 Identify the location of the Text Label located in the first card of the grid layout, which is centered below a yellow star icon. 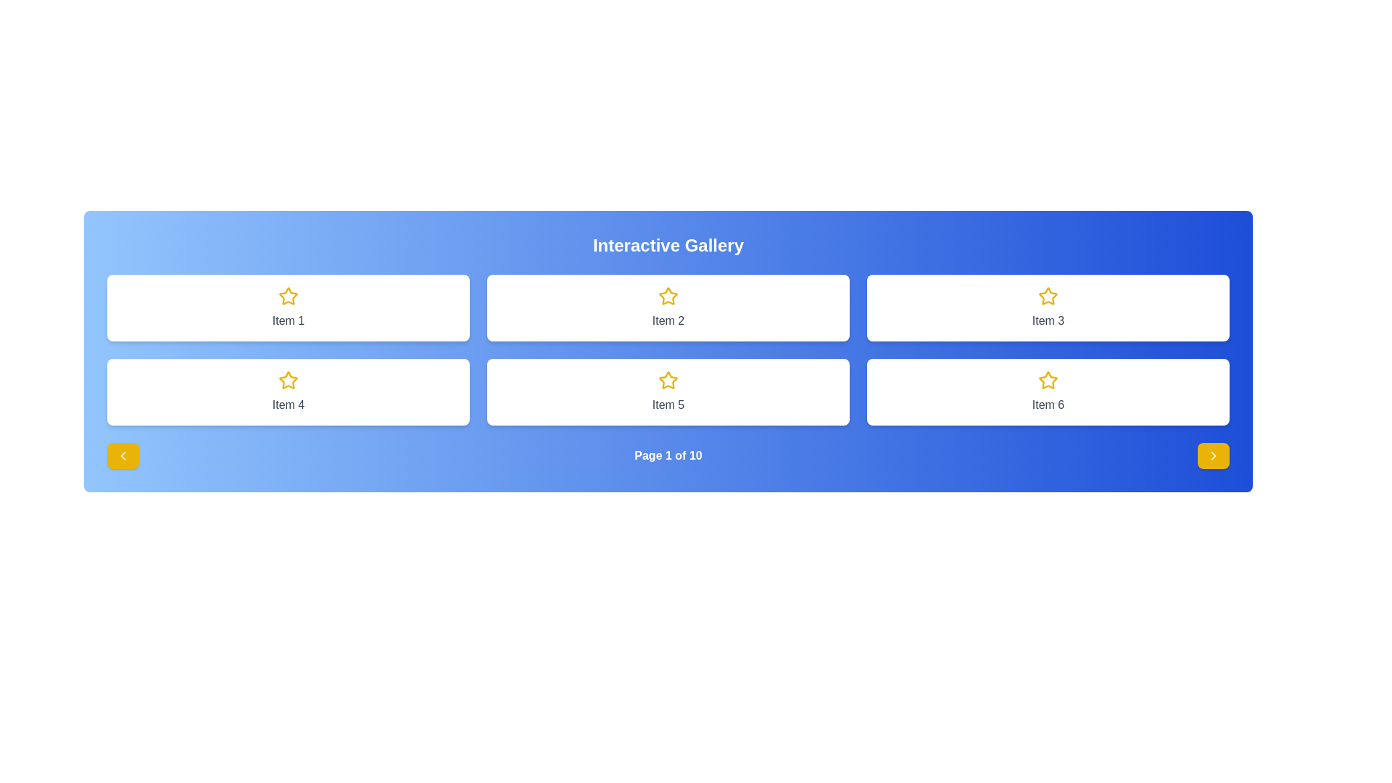
(289, 320).